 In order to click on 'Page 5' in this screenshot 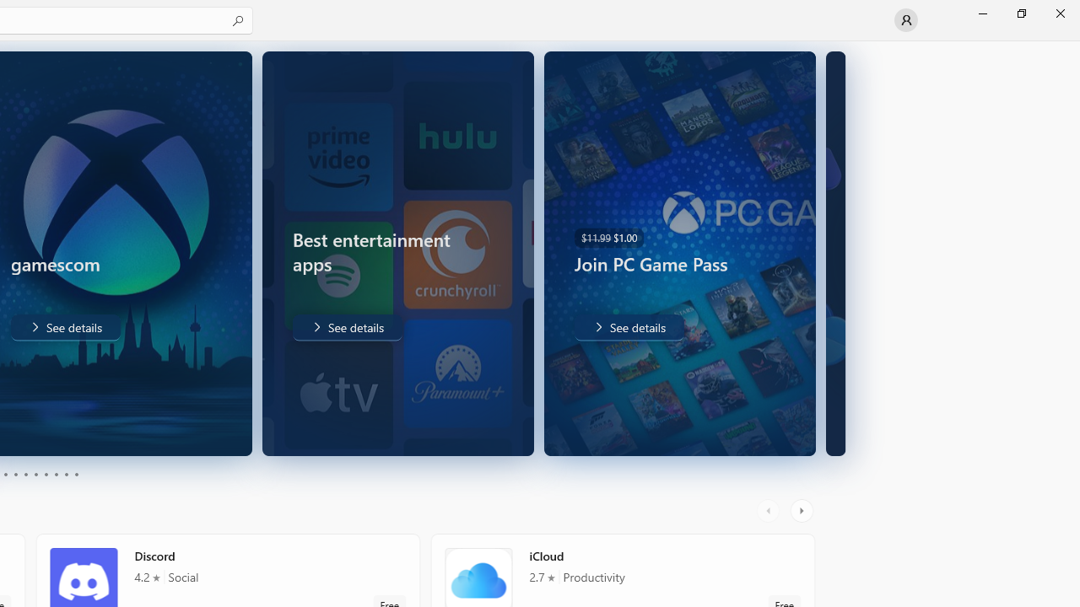, I will do `click(25, 475)`.